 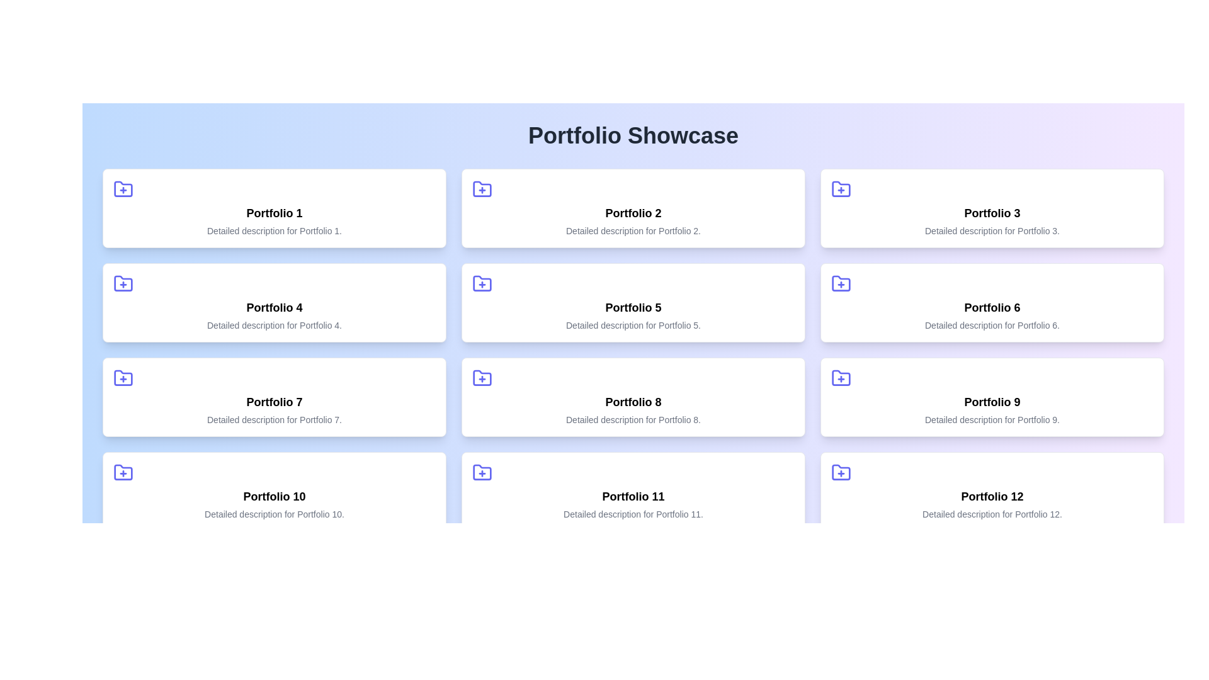 I want to click on the bold text element displaying the phrase 'Portfolio 6' located in the second row, second column of the grid layout, so click(x=991, y=308).